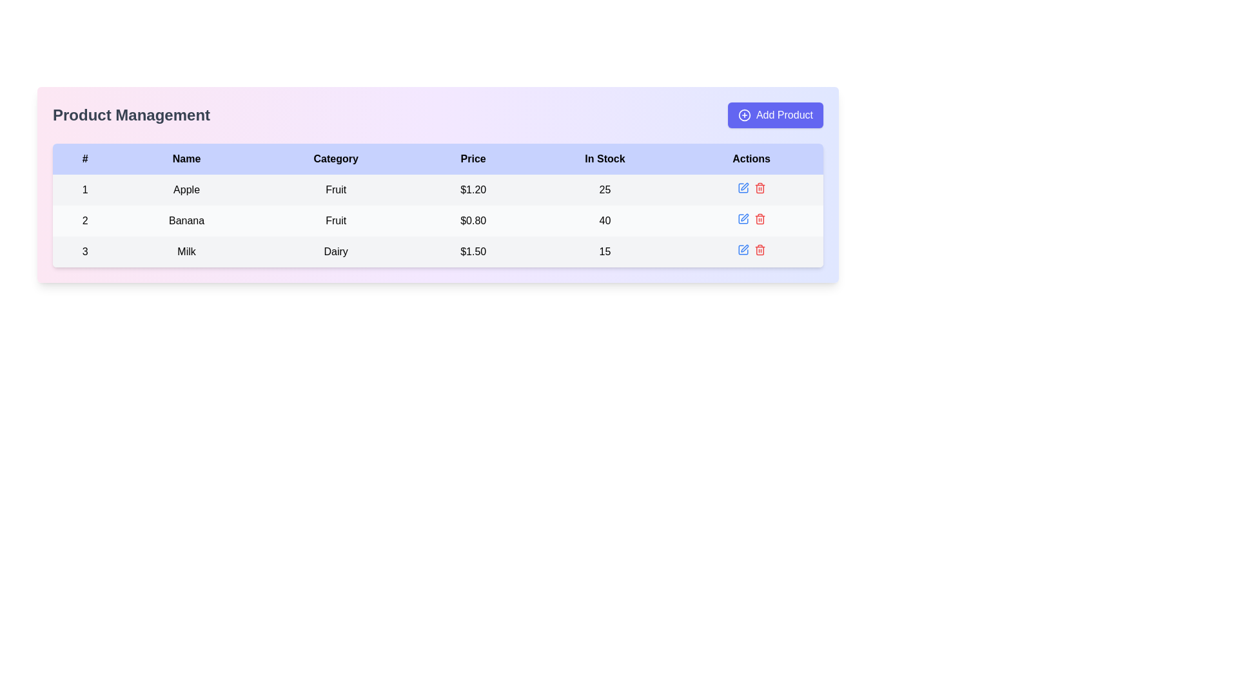 This screenshot has height=696, width=1238. Describe the element at coordinates (186, 251) in the screenshot. I see `the product name label in the second column of the third row in the 'Product Management' table` at that location.